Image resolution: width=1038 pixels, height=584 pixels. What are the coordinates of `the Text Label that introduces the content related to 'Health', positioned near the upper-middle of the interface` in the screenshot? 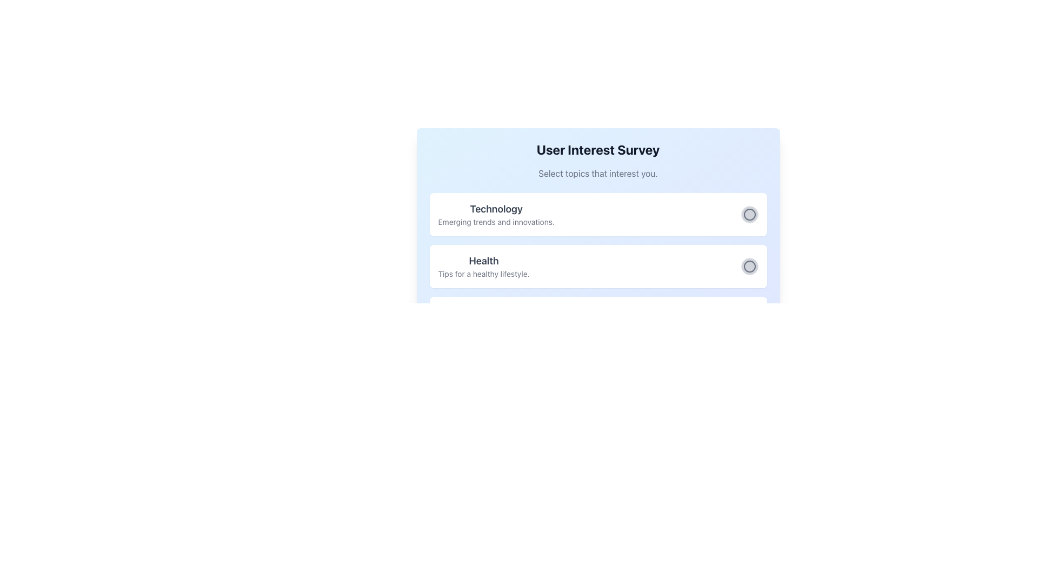 It's located at (483, 261).